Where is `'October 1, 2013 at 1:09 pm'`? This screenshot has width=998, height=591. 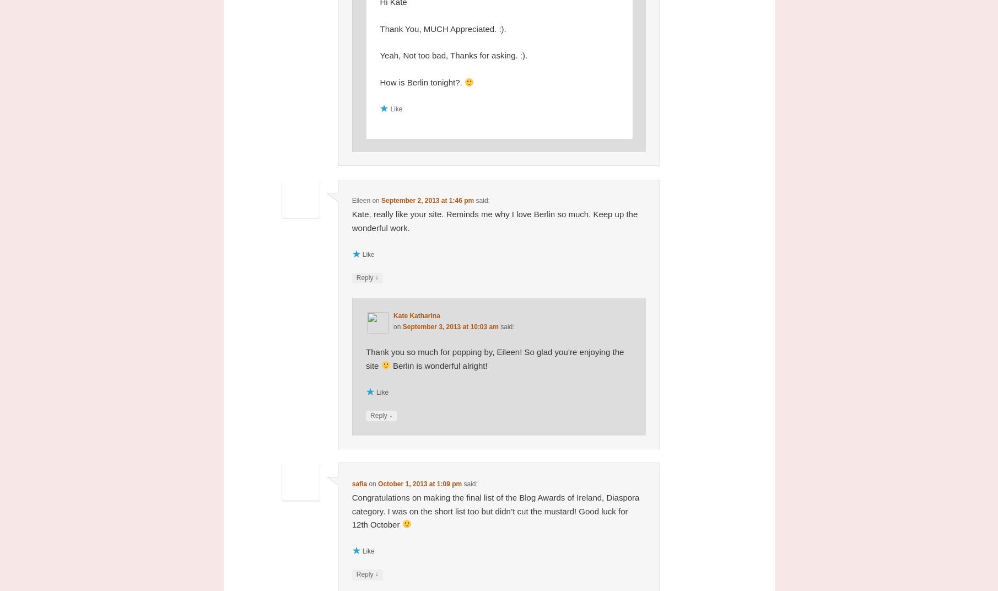
'October 1, 2013 at 1:09 pm' is located at coordinates (419, 483).